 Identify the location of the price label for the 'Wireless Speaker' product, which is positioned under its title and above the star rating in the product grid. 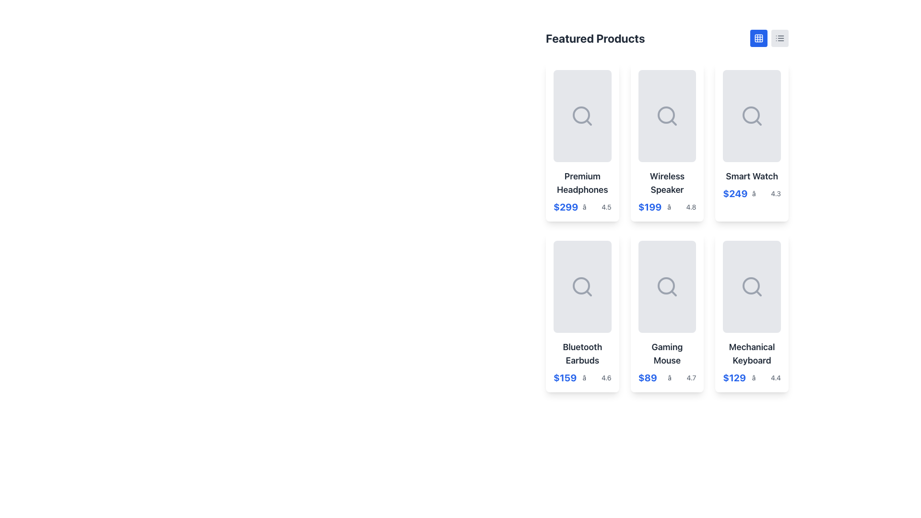
(649, 207).